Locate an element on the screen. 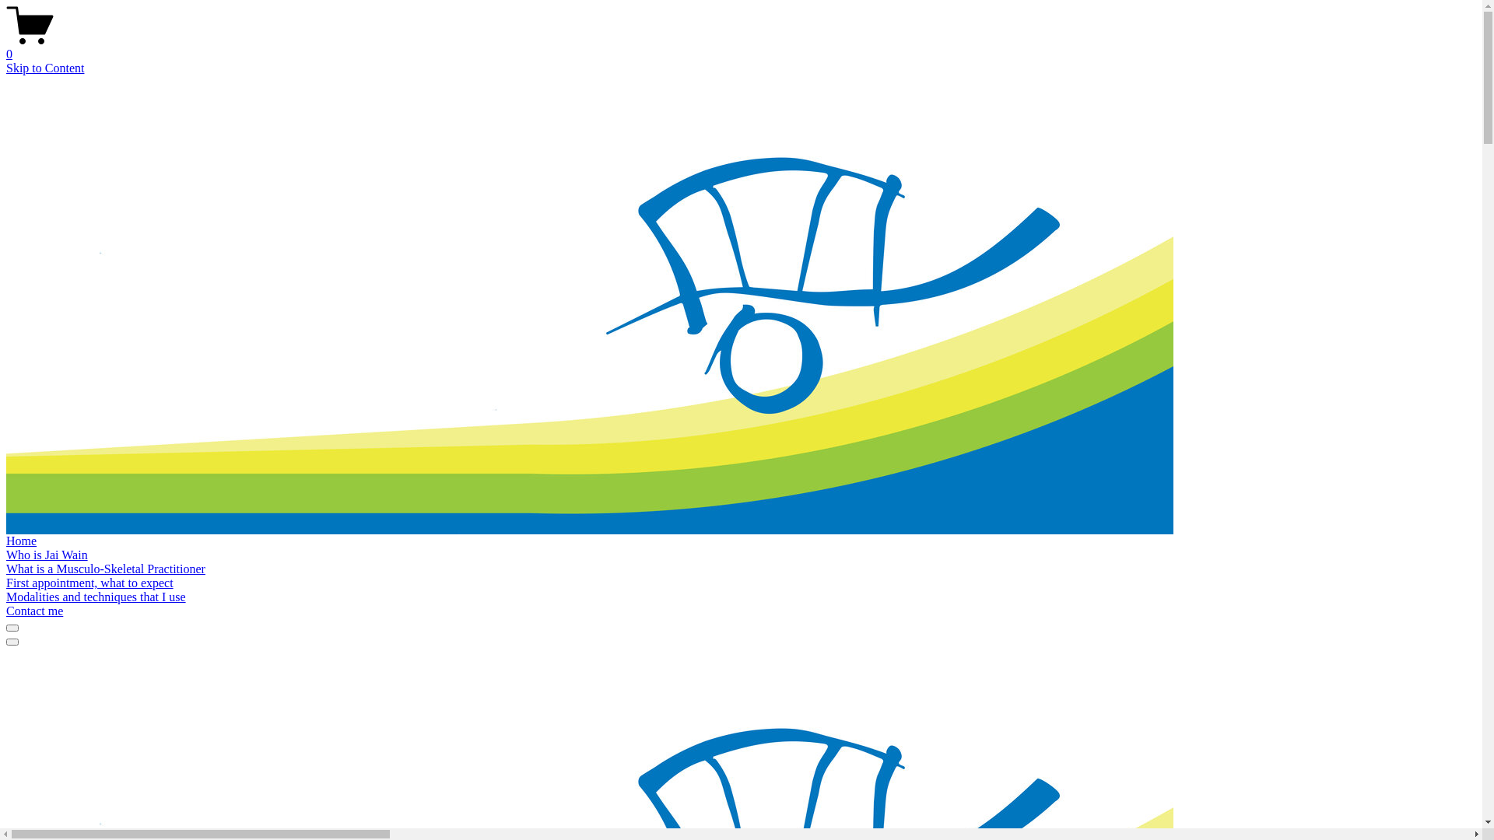 This screenshot has width=1494, height=840. 'First appointment, what to expect' is located at coordinates (89, 583).